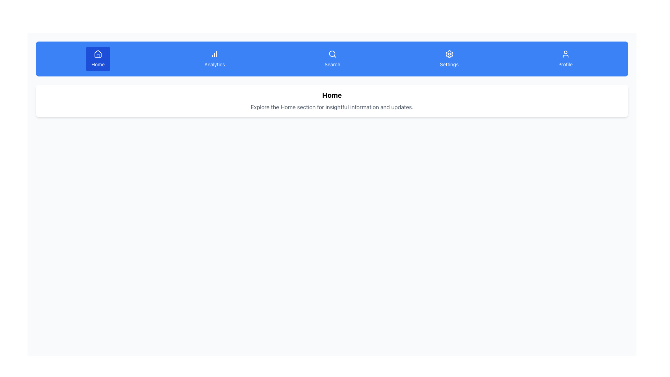 This screenshot has width=670, height=377. I want to click on the blue rectangular button labeled 'Profile', which is the last button in a row of five options at the top of the interface, so click(565, 59).